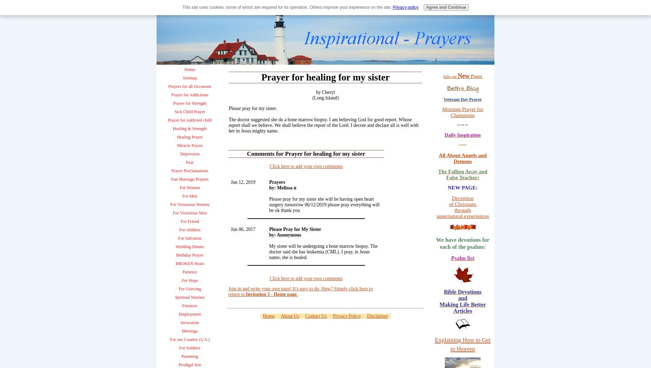 The height and width of the screenshot is (368, 651). Describe the element at coordinates (462, 204) in the screenshot. I see `'of Christians'` at that location.